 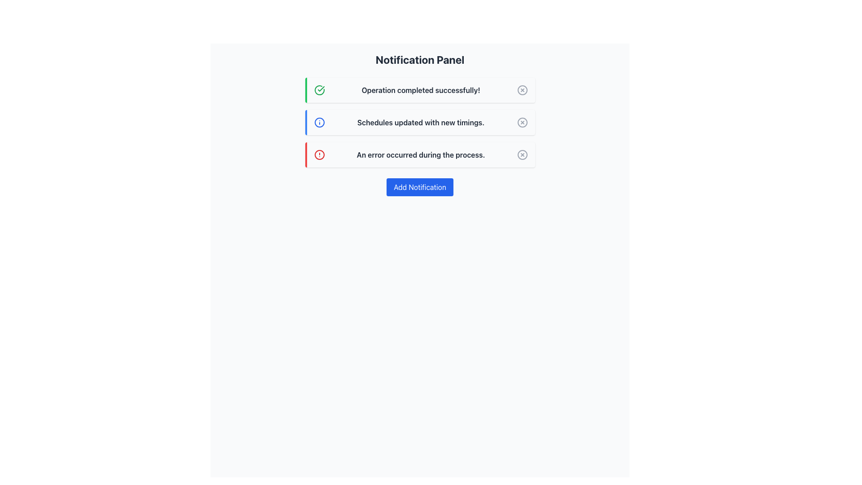 What do you see at coordinates (522, 90) in the screenshot?
I see `the status icon located to the right of the text 'Operation completed successfully!' in the topmost notification card` at bounding box center [522, 90].